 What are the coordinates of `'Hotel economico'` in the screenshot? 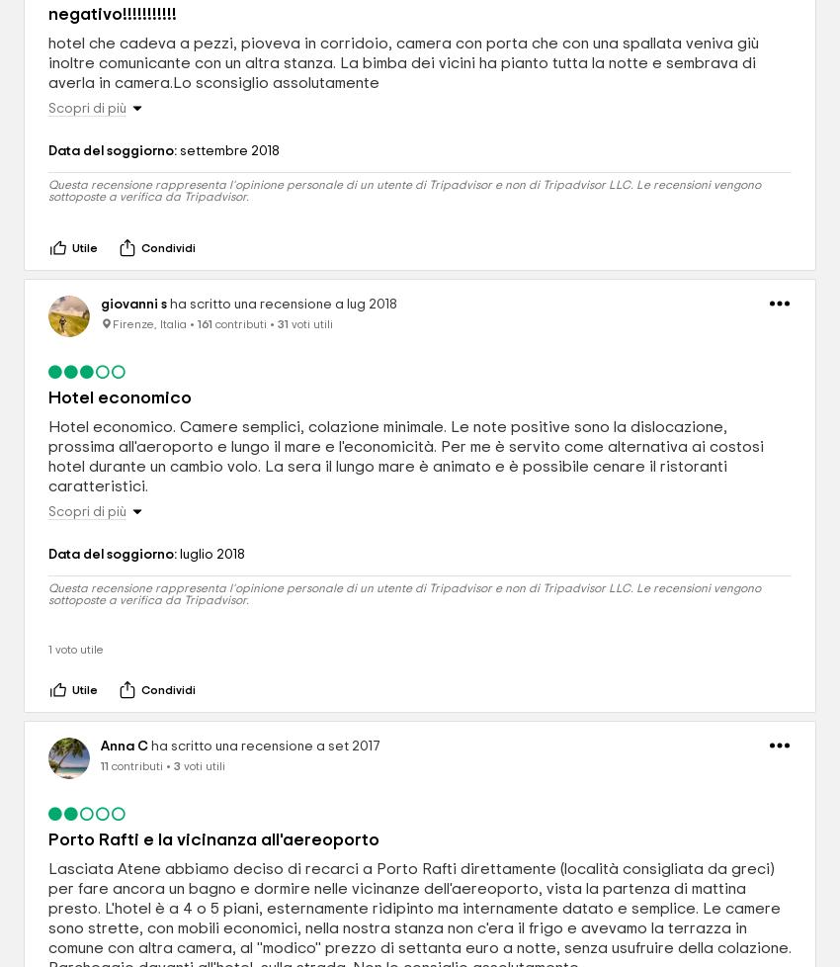 It's located at (119, 397).